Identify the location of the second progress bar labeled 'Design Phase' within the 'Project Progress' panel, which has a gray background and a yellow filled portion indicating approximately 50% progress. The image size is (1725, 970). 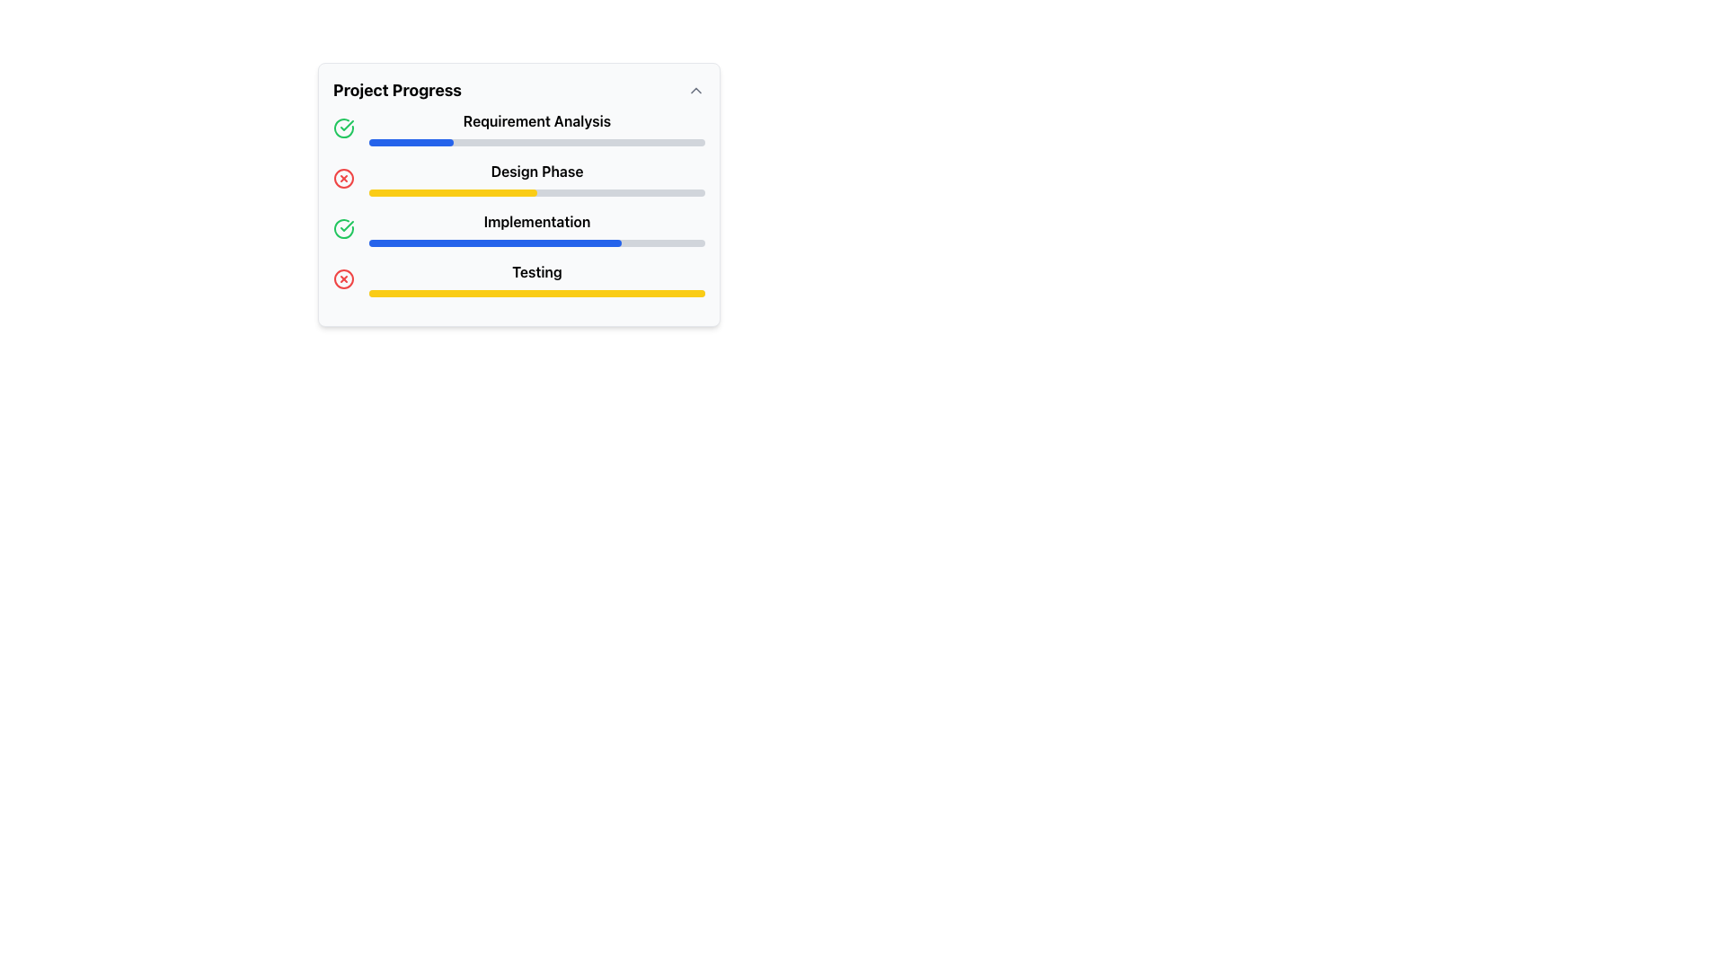
(536, 193).